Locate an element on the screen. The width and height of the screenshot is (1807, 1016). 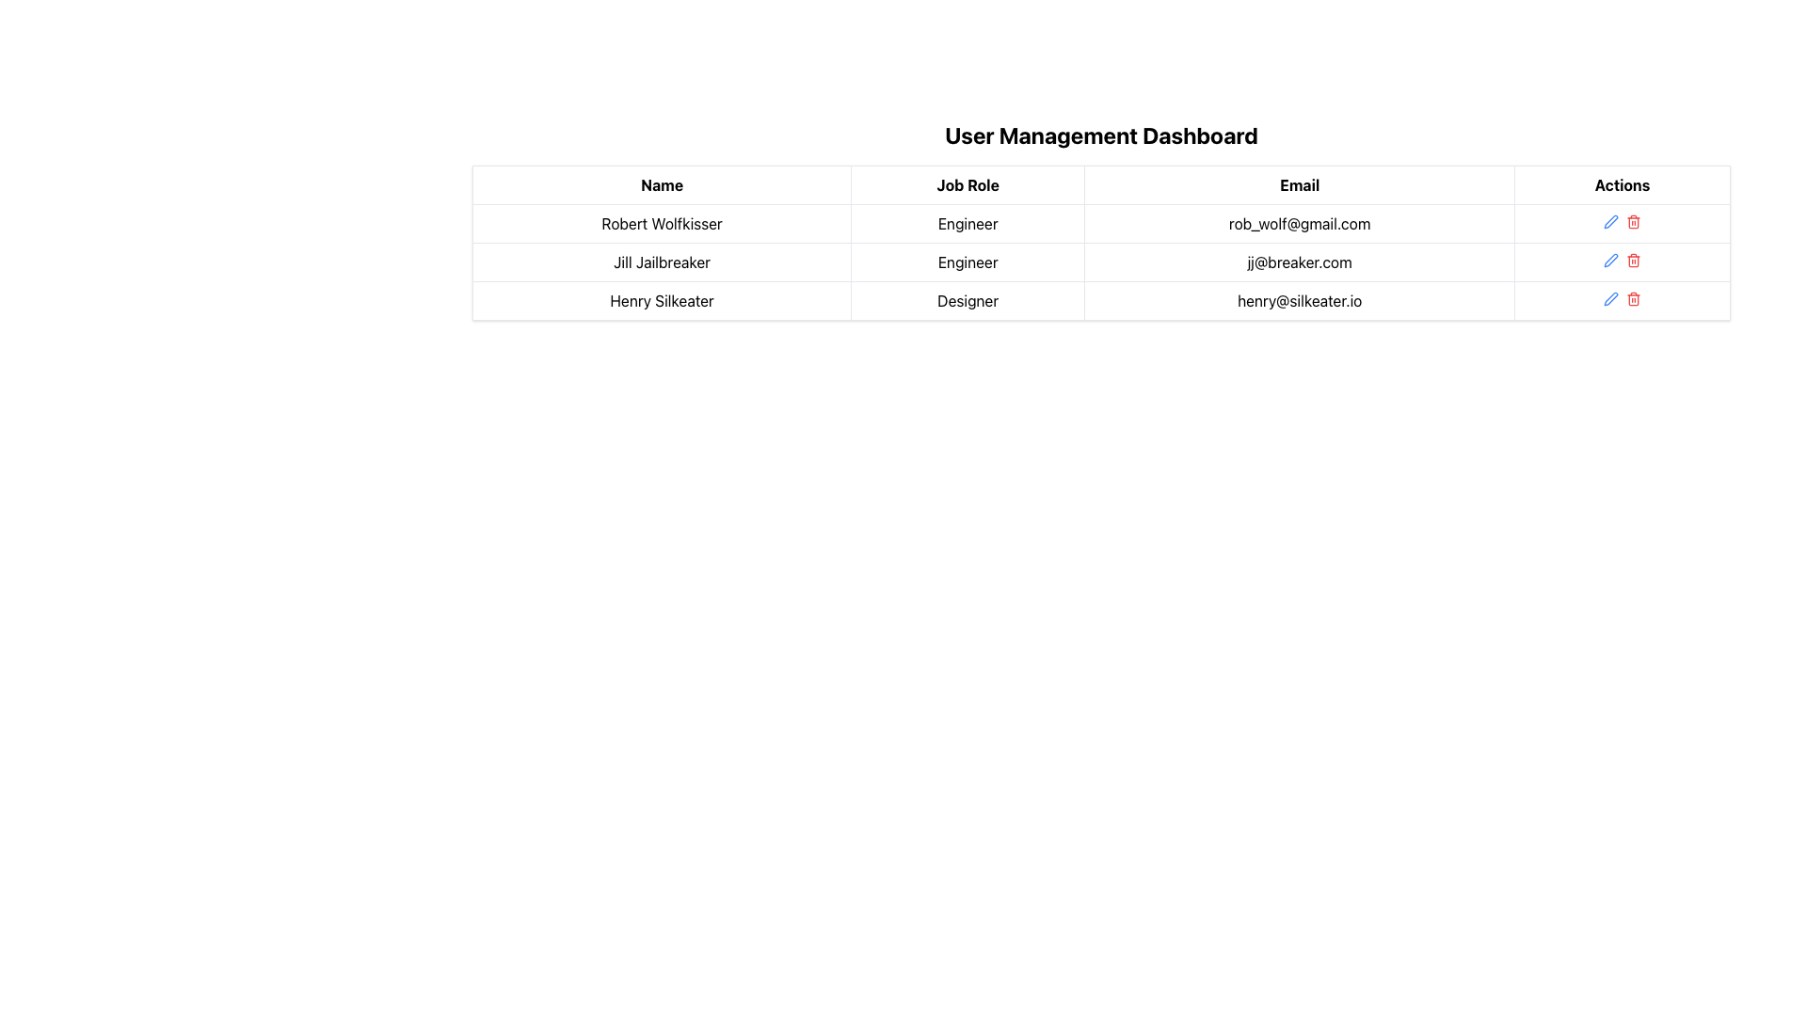
the Table Header Cell element labeled 'Job Role', which is styled in bold and located in the second column of the header row of a table is located at coordinates (967, 184).